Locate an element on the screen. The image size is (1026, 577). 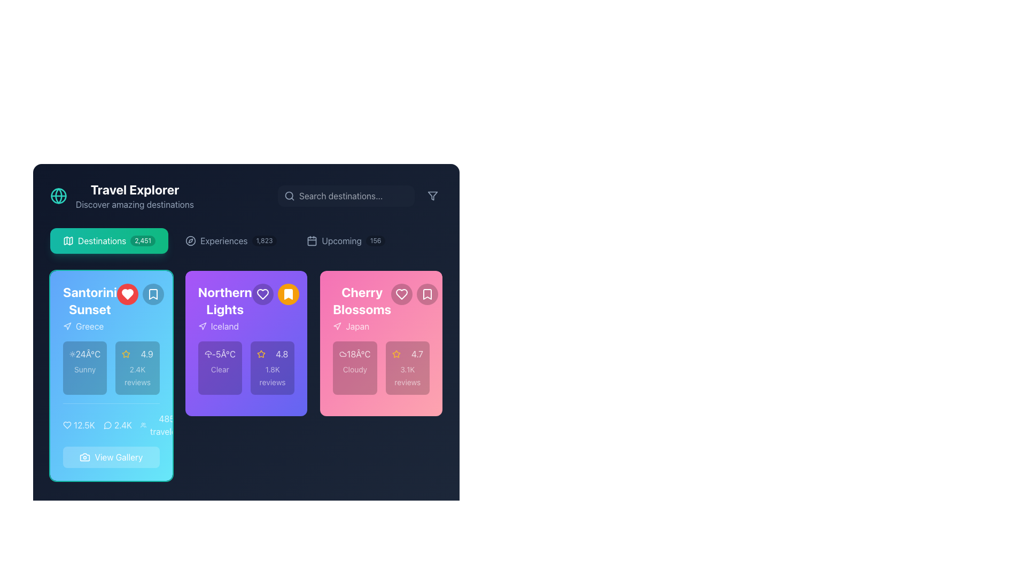
the text label displaying the name and location of the travel destination on the purple card for 'Northern Lights', which is positioned at the upper part of the second card below the navigation bar is located at coordinates (224, 308).